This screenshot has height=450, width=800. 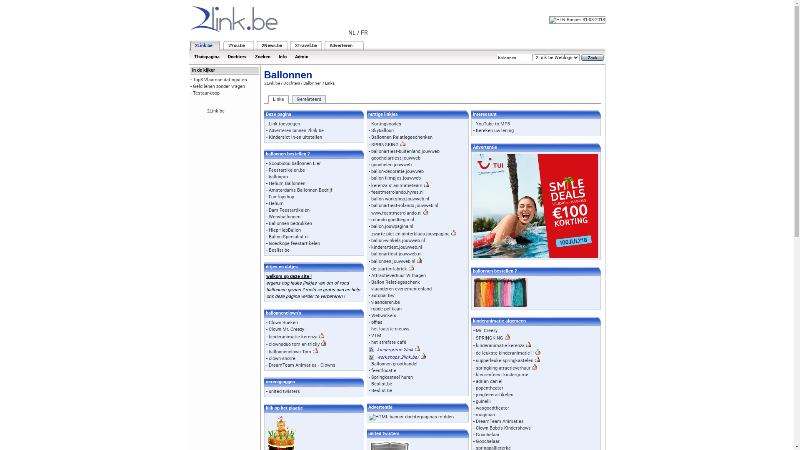 I want to click on 'Dochters', so click(x=236, y=56).